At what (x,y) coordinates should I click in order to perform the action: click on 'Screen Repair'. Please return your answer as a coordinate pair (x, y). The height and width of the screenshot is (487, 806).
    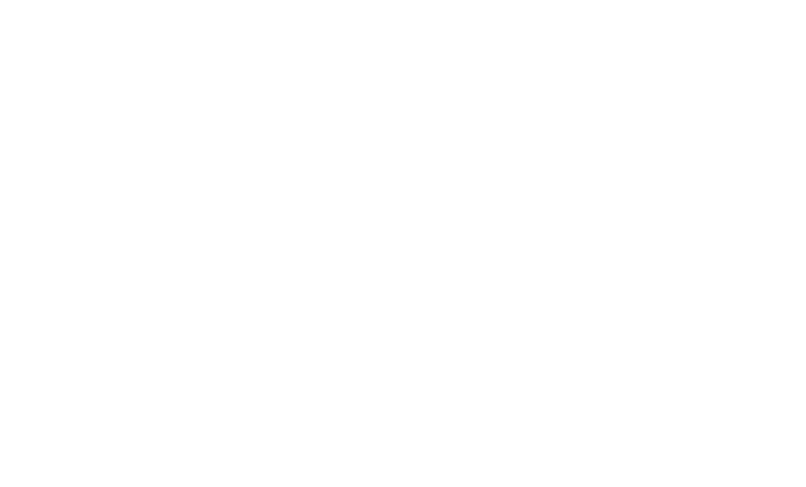
    Looking at the image, I should click on (149, 249).